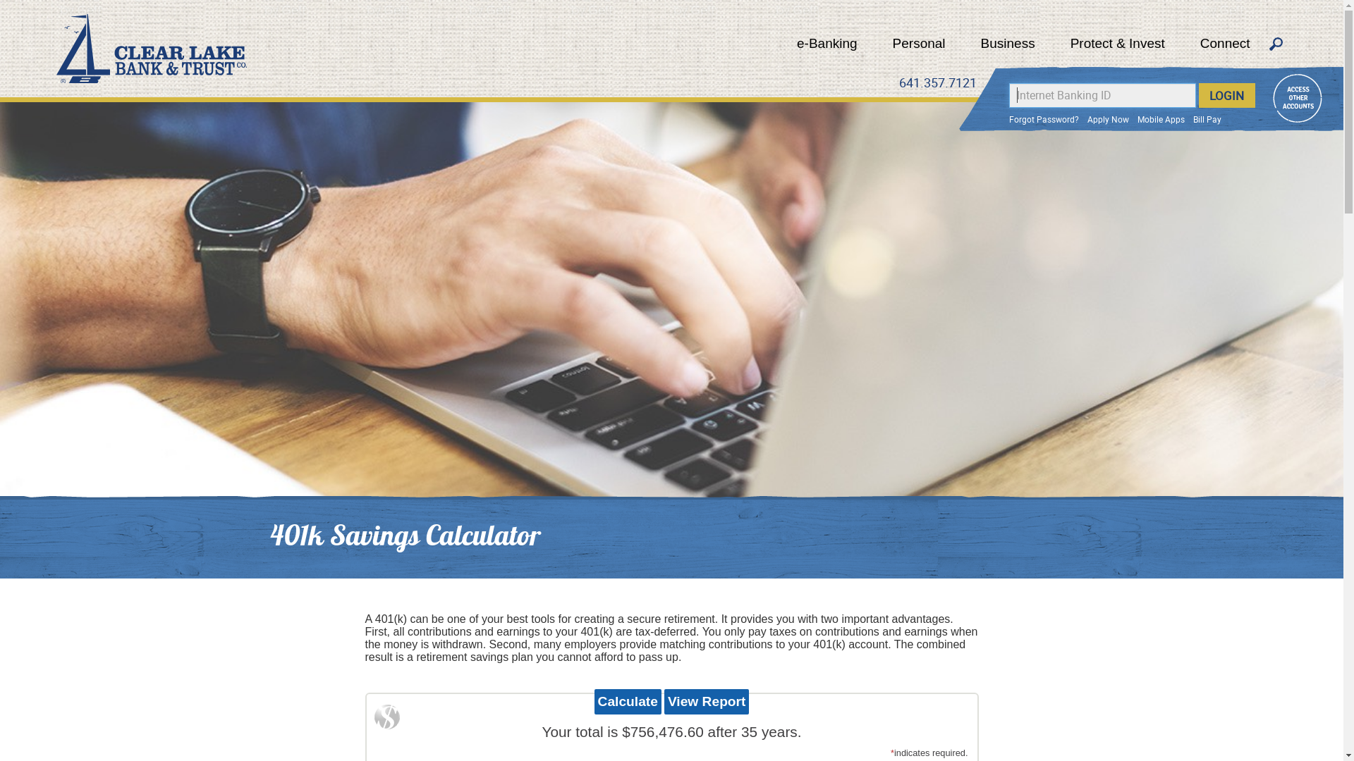 The width and height of the screenshot is (1354, 761). What do you see at coordinates (1276, 44) in the screenshot?
I see `'Search'` at bounding box center [1276, 44].